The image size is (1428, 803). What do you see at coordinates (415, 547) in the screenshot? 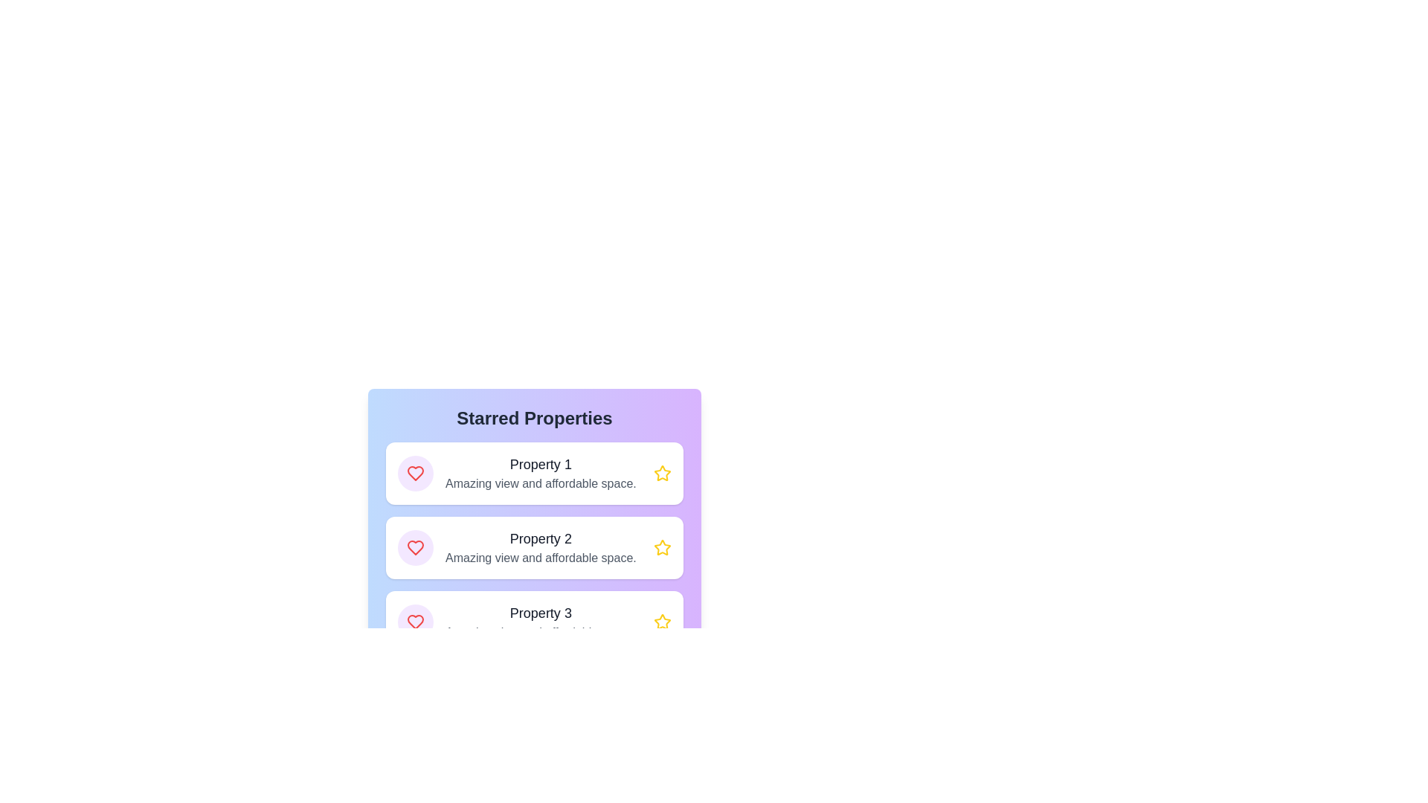
I see `the heart icon representing the 'favorite' or 'like' action, which is located in the second row of the list, inside the purple circular background next to the text 'Property 2'` at bounding box center [415, 547].